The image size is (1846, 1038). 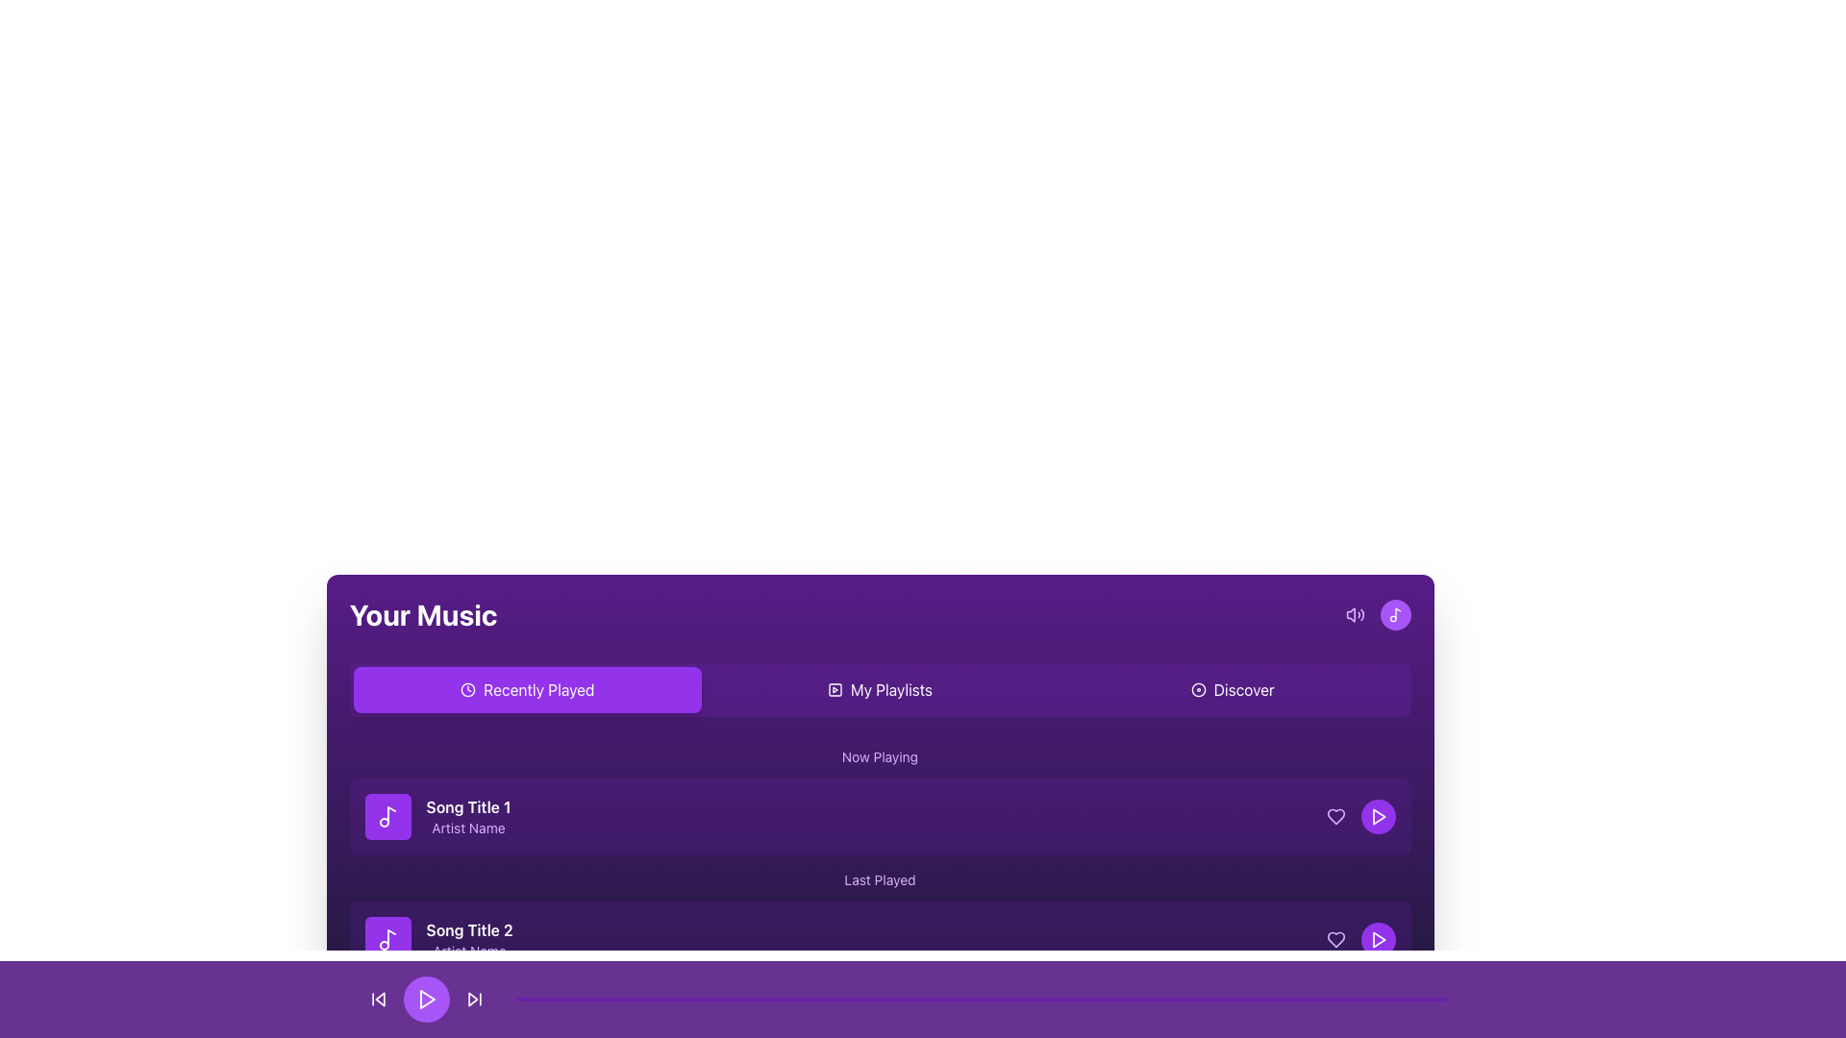 I want to click on the volume icon characterized by sound waves emanating from a speaker cone in the upper-right corner of the interface, so click(x=1349, y=615).